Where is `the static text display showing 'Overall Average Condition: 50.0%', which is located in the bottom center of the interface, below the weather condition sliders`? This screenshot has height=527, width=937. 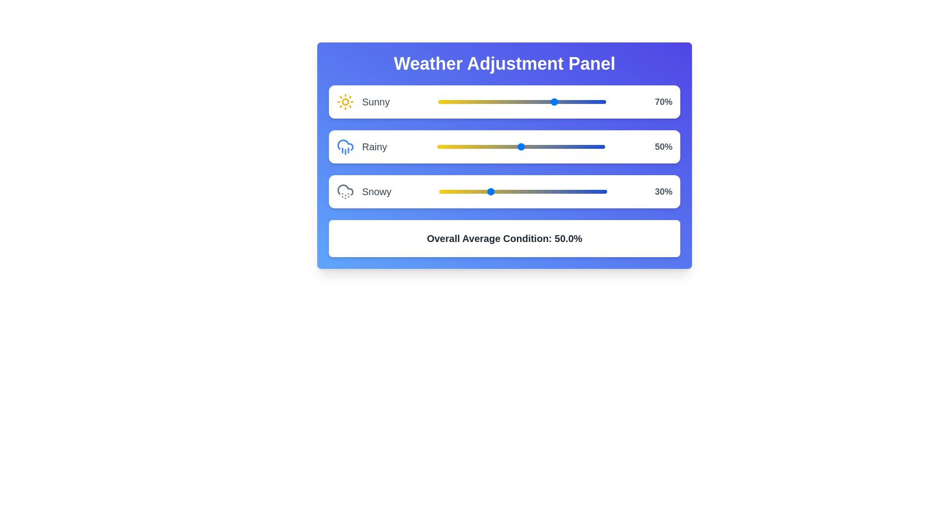 the static text display showing 'Overall Average Condition: 50.0%', which is located in the bottom center of the interface, below the weather condition sliders is located at coordinates (504, 239).